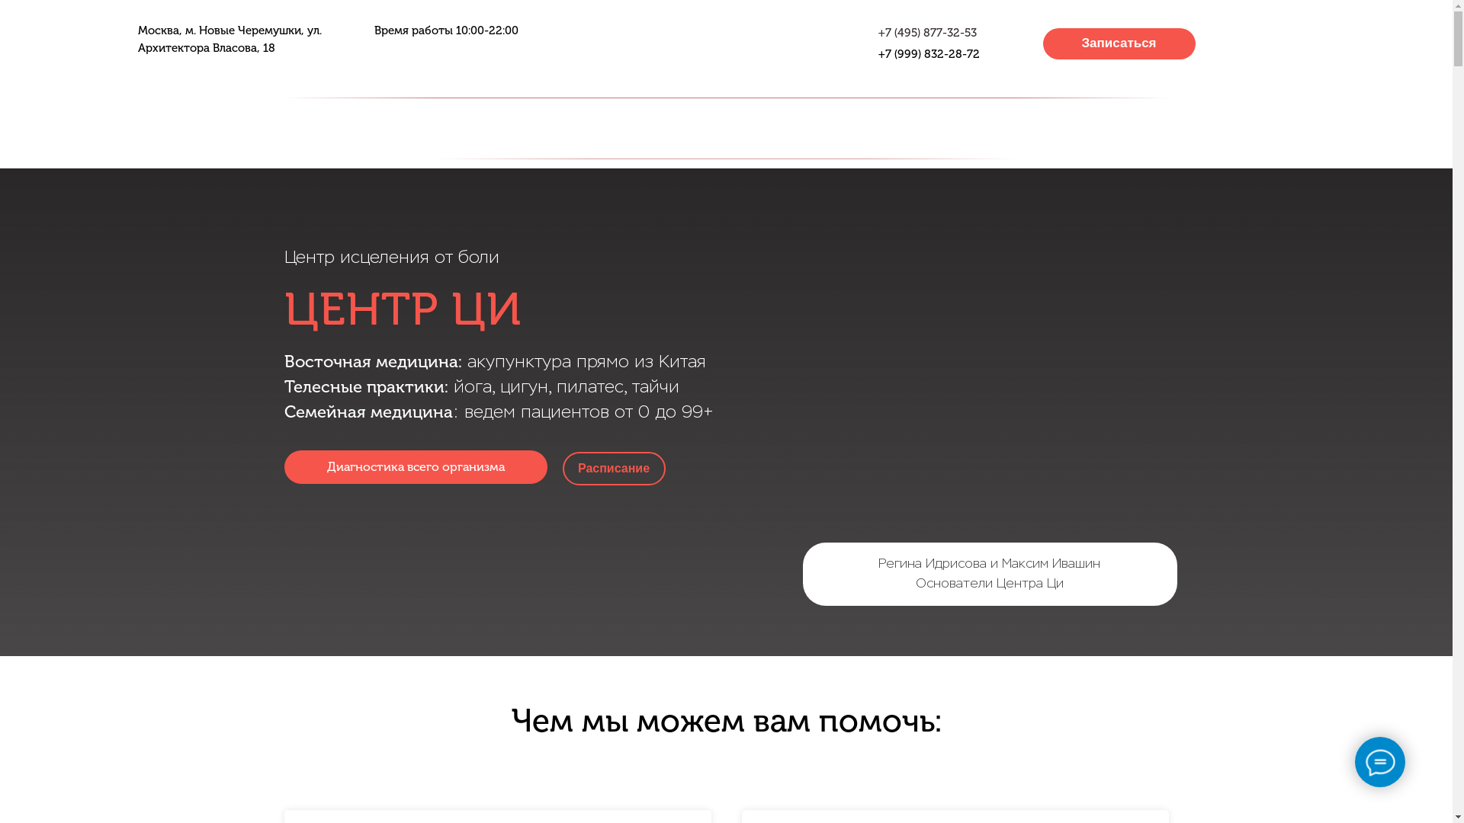  I want to click on '+7 (495) 877-32-53', so click(926, 32).